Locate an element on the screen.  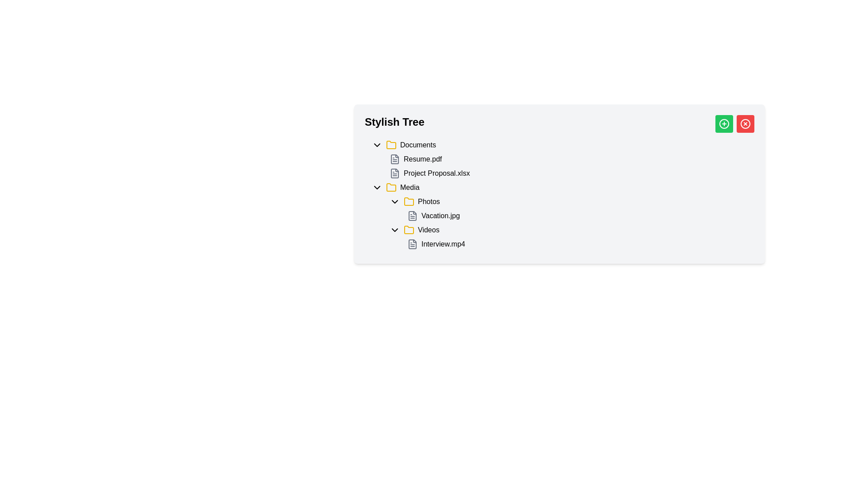
the interactive button located in the top-right corner of the gray panel, adjacent is located at coordinates (724, 124).